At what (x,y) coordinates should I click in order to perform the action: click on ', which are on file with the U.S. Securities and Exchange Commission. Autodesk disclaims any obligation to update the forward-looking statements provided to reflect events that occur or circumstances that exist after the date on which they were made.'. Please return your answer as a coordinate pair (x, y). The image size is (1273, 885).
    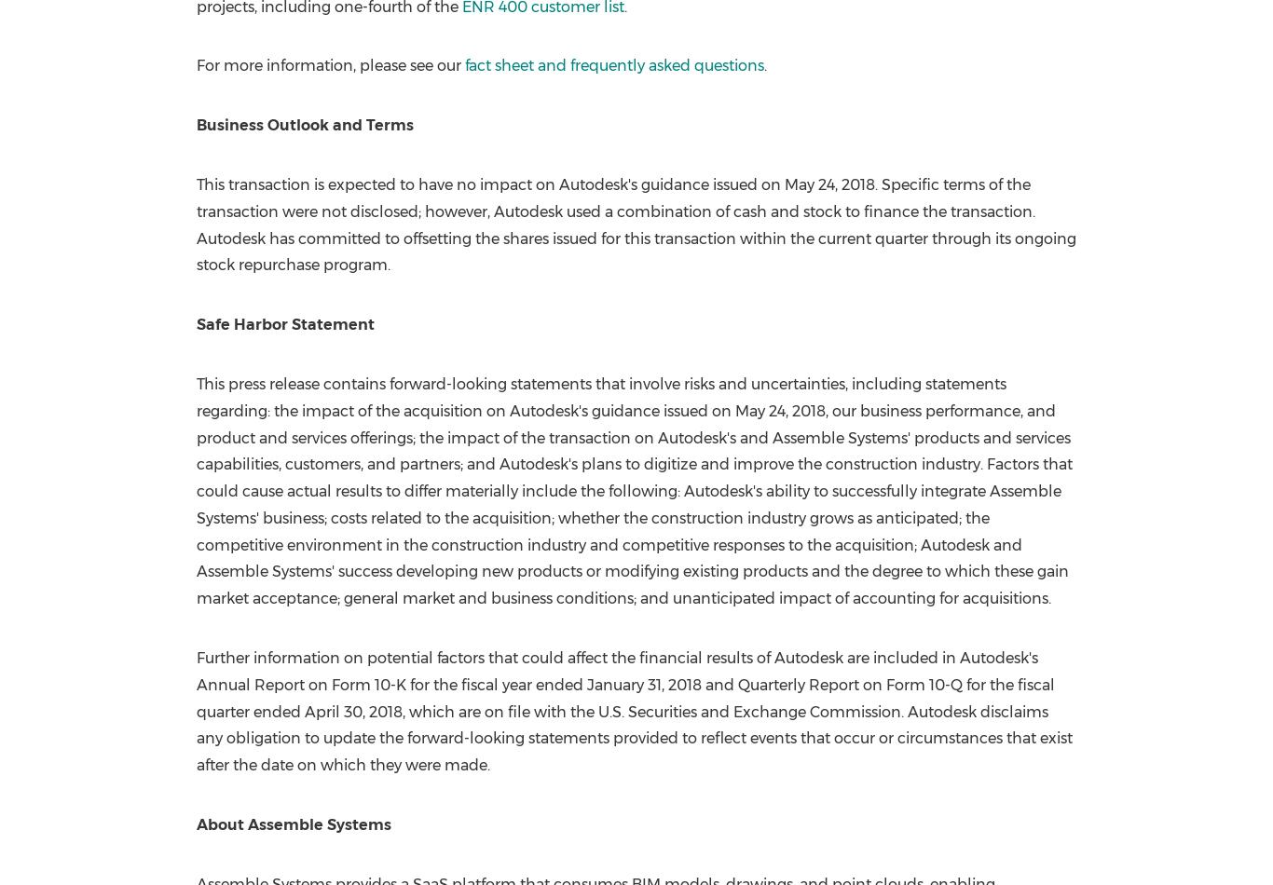
    Looking at the image, I should click on (194, 737).